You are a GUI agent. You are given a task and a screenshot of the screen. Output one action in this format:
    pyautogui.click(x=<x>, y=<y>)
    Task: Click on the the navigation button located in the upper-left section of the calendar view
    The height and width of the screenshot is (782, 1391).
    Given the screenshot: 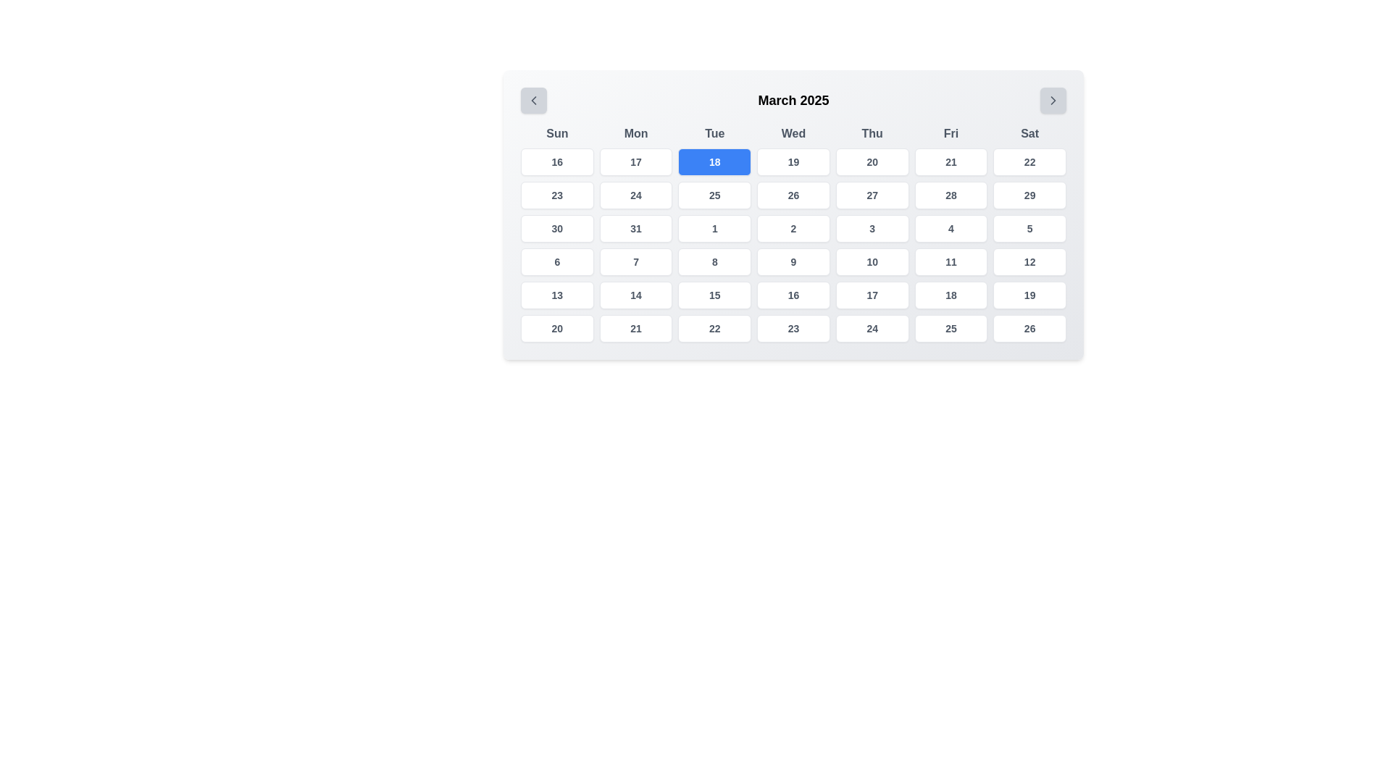 What is the action you would take?
    pyautogui.click(x=533, y=99)
    